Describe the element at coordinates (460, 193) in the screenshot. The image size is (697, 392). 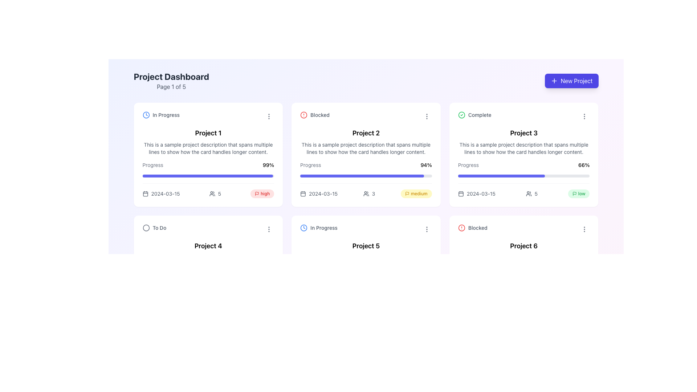
I see `small calendar icon located at the top left of the '2024-03-15' date label in the 'Complete' project card` at that location.